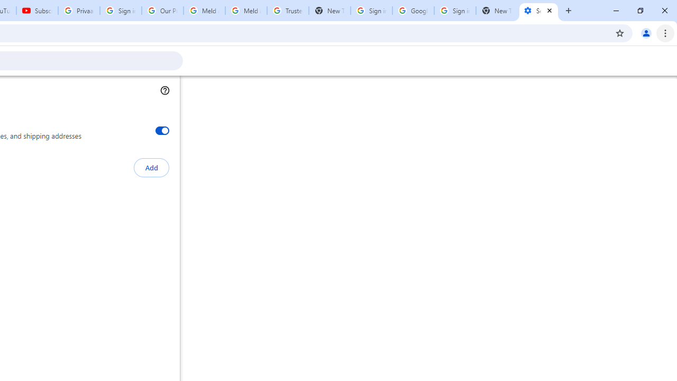 This screenshot has height=381, width=677. Describe the element at coordinates (538, 11) in the screenshot. I see `'Settings - Addresses and more'` at that location.